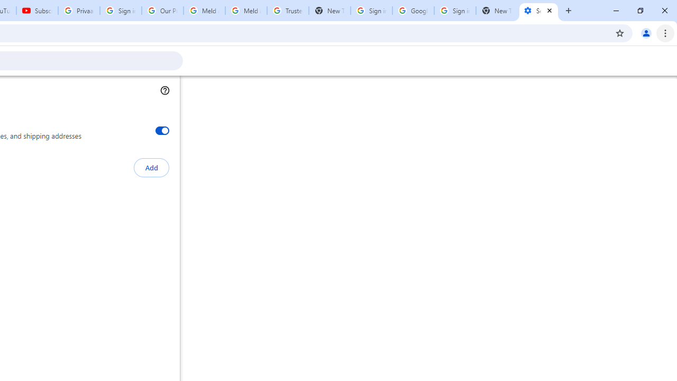 This screenshot has height=381, width=677. Describe the element at coordinates (538, 11) in the screenshot. I see `'Settings - Addresses and more'` at that location.